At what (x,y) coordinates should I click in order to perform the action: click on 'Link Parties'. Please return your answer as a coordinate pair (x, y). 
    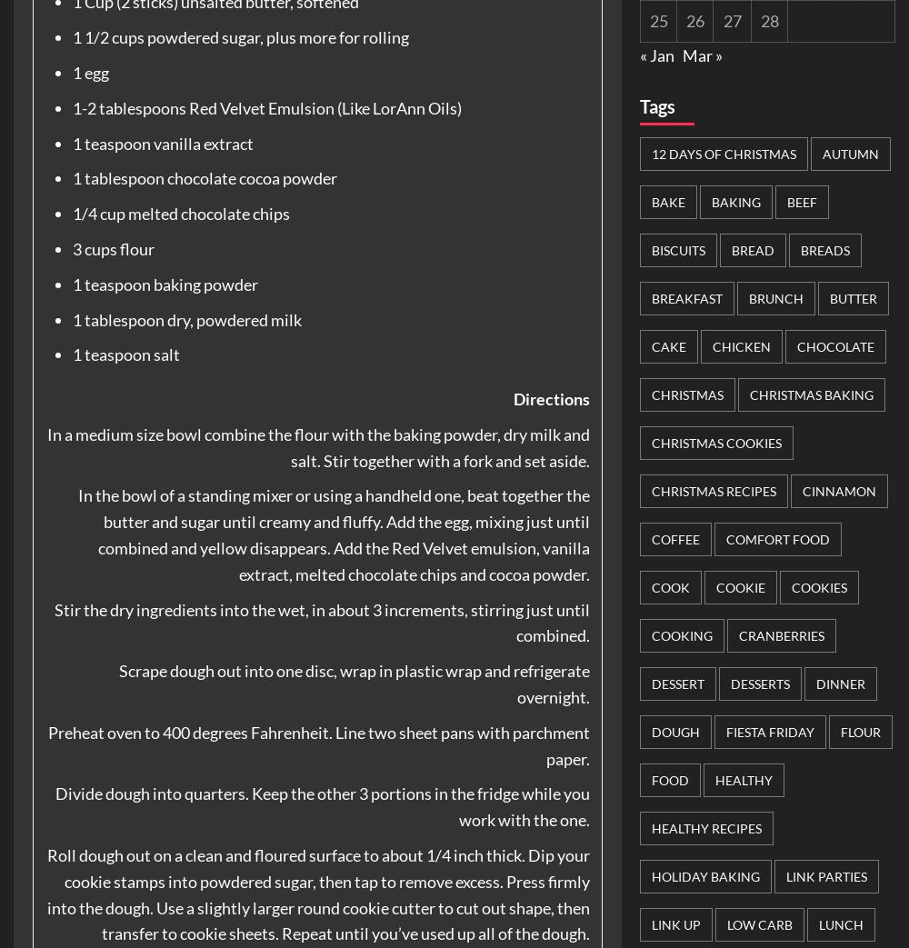
    Looking at the image, I should click on (785, 874).